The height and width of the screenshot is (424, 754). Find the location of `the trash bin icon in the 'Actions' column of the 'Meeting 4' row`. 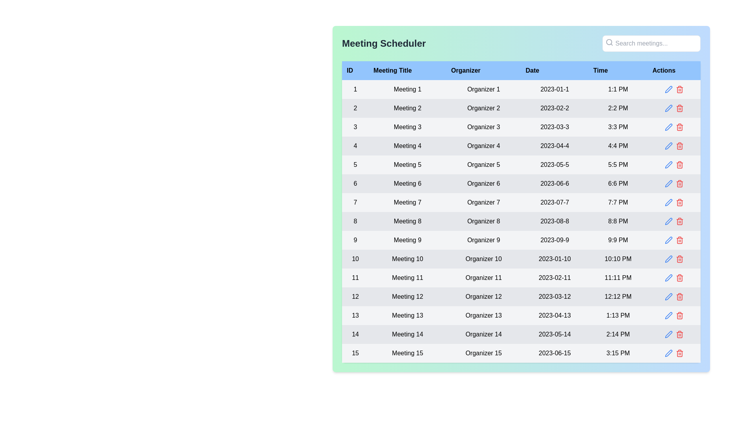

the trash bin icon in the 'Actions' column of the 'Meeting 4' row is located at coordinates (679, 146).